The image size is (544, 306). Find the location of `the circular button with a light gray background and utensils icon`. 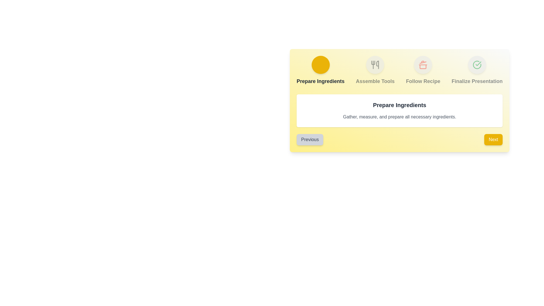

the circular button with a light gray background and utensils icon is located at coordinates (375, 64).